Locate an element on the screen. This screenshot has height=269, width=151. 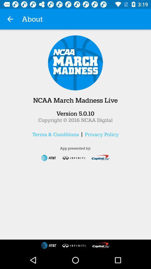
item above app presented by: item is located at coordinates (55, 134).